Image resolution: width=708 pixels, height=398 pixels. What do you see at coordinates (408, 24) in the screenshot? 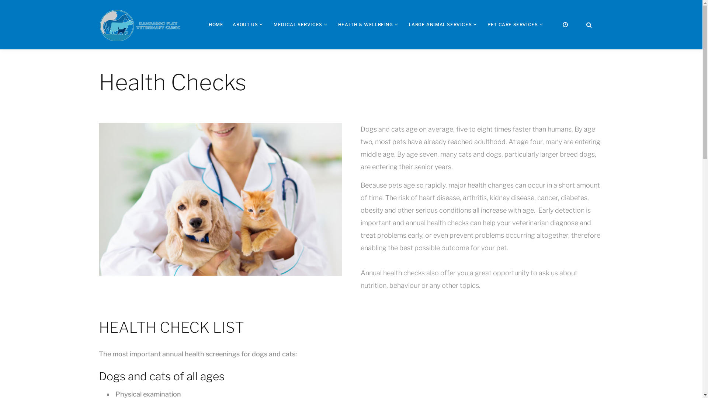
I see `'LARGE ANIMAL SERVICES'` at bounding box center [408, 24].